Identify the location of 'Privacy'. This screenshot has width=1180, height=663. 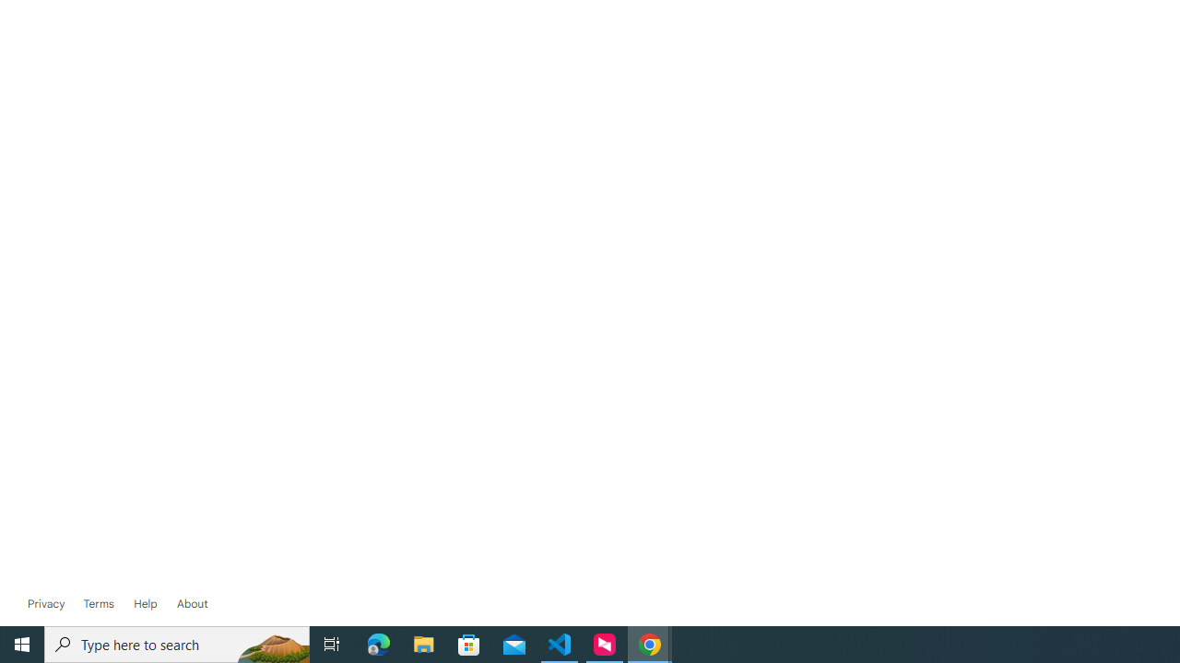
(46, 603).